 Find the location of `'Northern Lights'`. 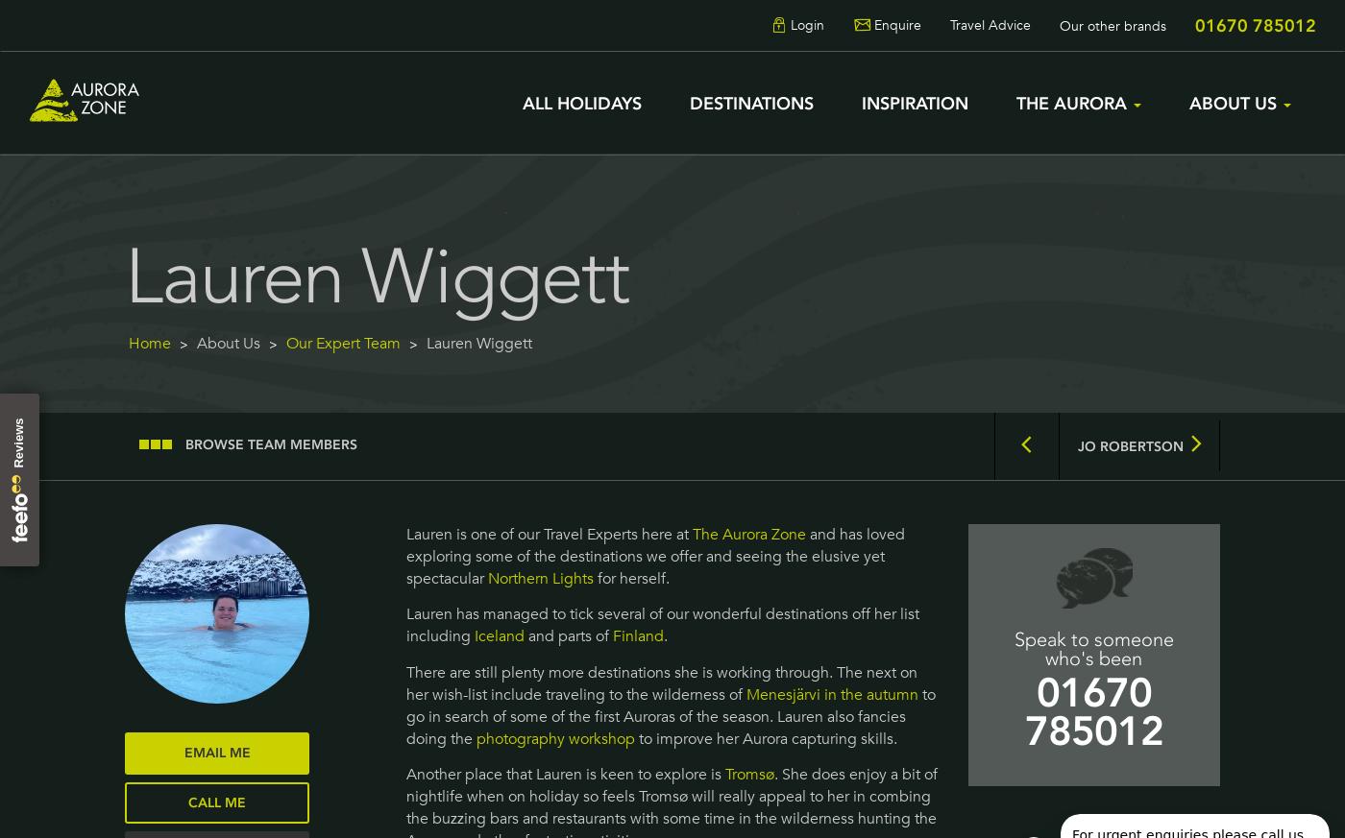

'Northern Lights' is located at coordinates (539, 577).